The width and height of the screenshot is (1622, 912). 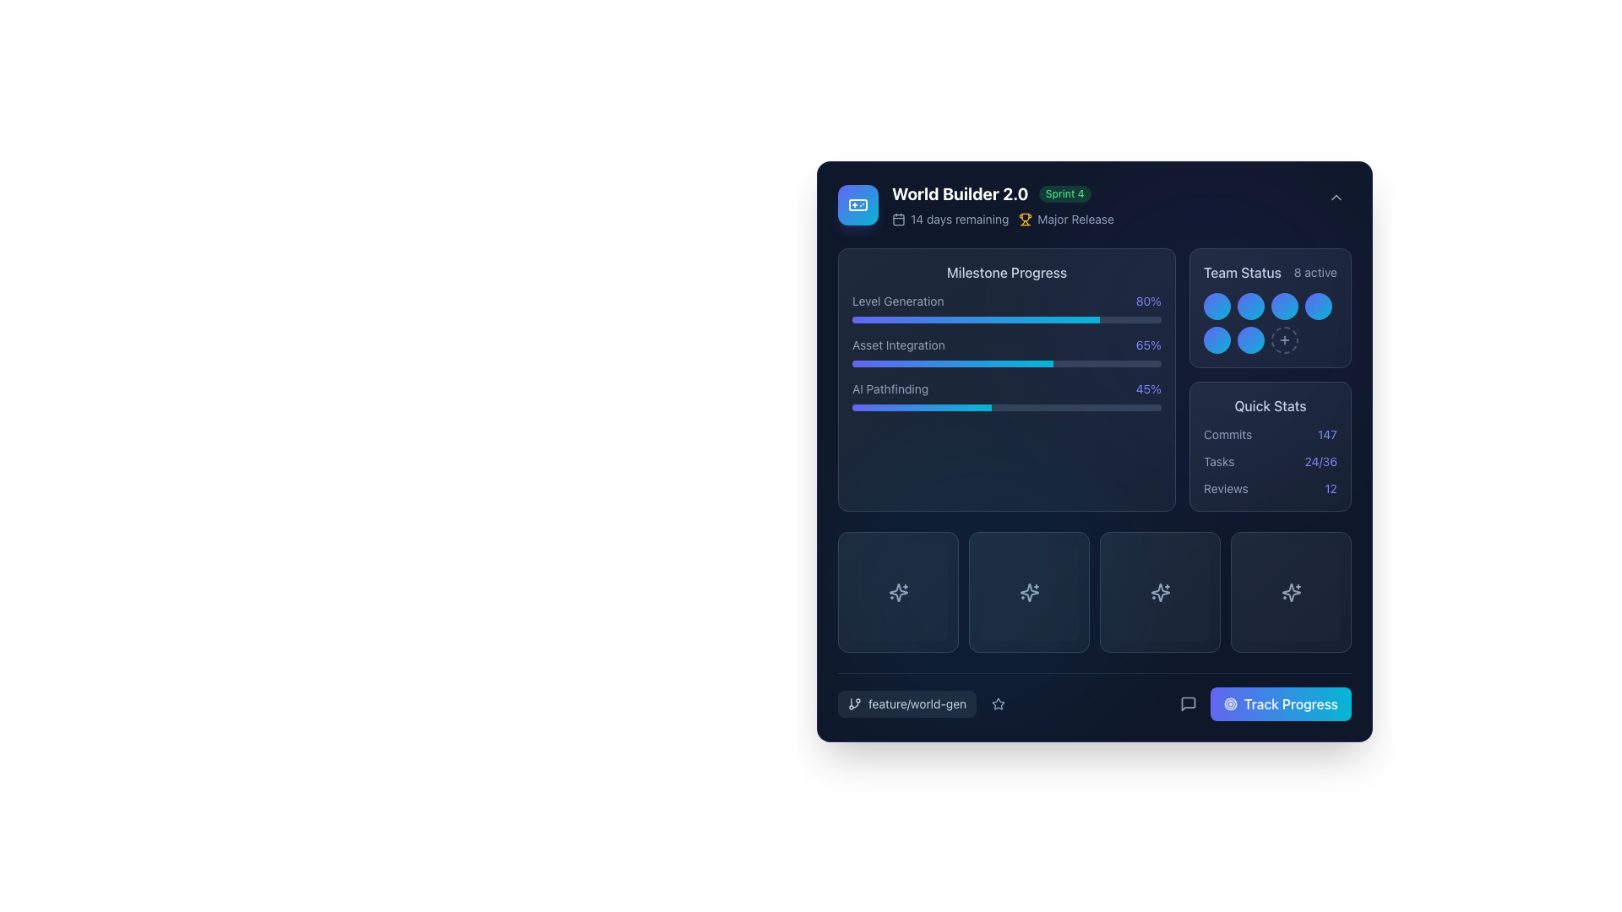 What do you see at coordinates (1270, 462) in the screenshot?
I see `the Progress indicator element labeled 'Tasks 24/36', located in the 'Quick Stats' section` at bounding box center [1270, 462].